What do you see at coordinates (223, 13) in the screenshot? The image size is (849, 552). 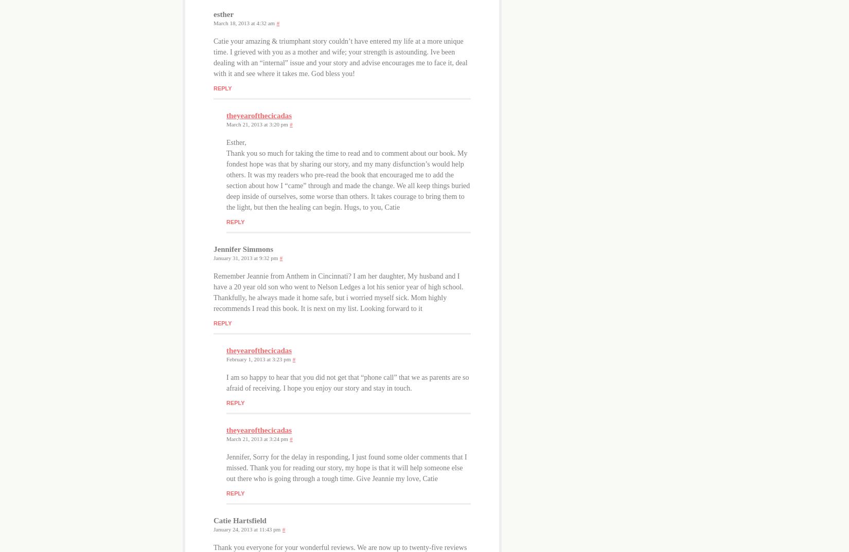 I see `'esther'` at bounding box center [223, 13].